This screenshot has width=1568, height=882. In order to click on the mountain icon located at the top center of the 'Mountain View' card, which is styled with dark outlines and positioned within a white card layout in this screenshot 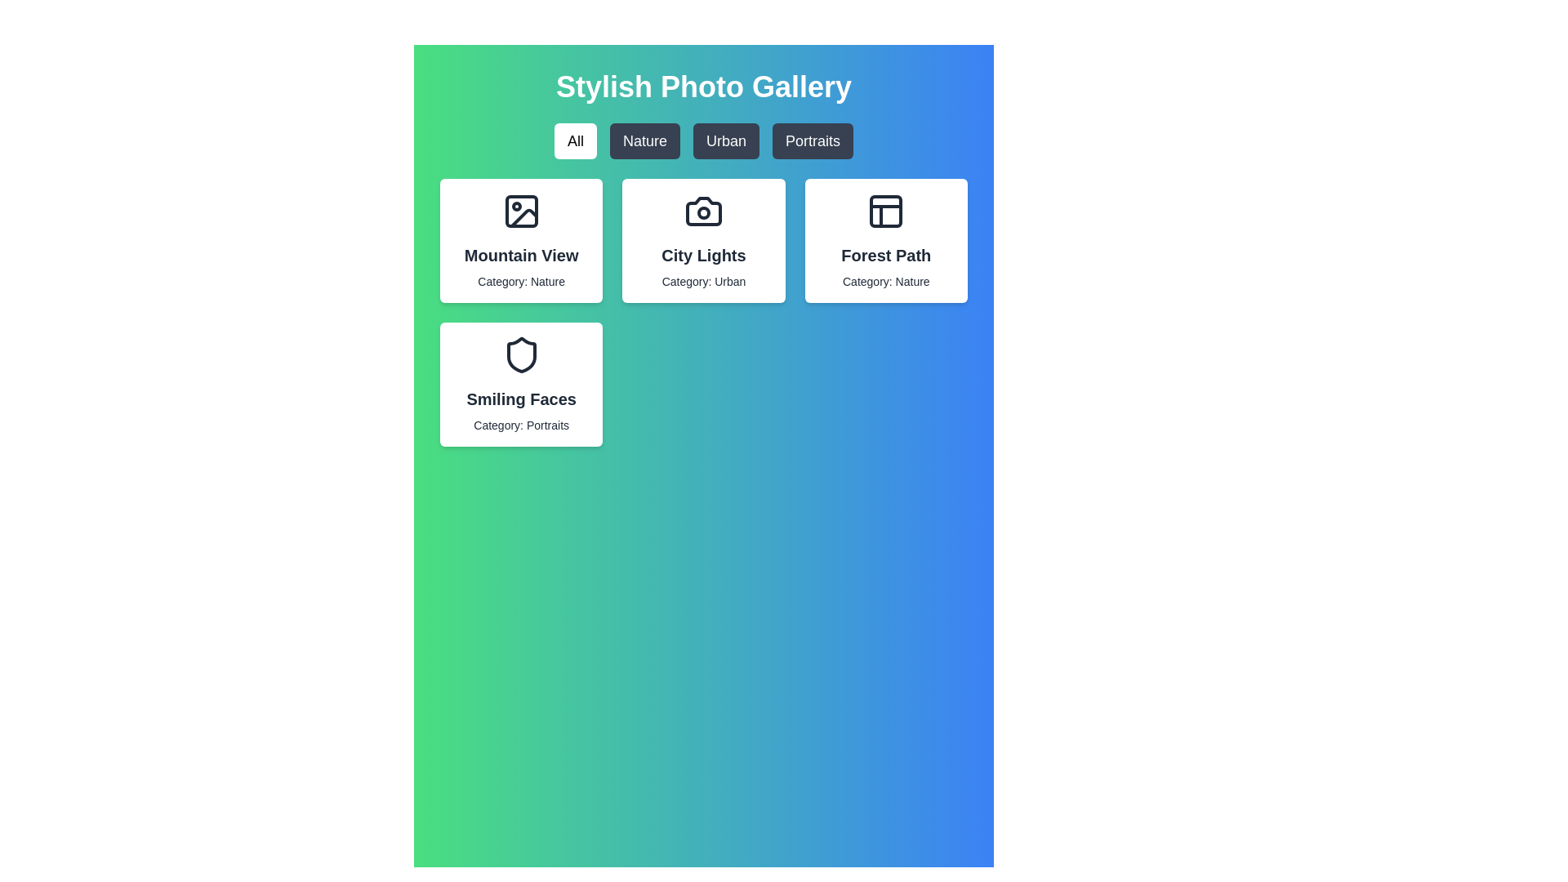, I will do `click(520, 210)`.